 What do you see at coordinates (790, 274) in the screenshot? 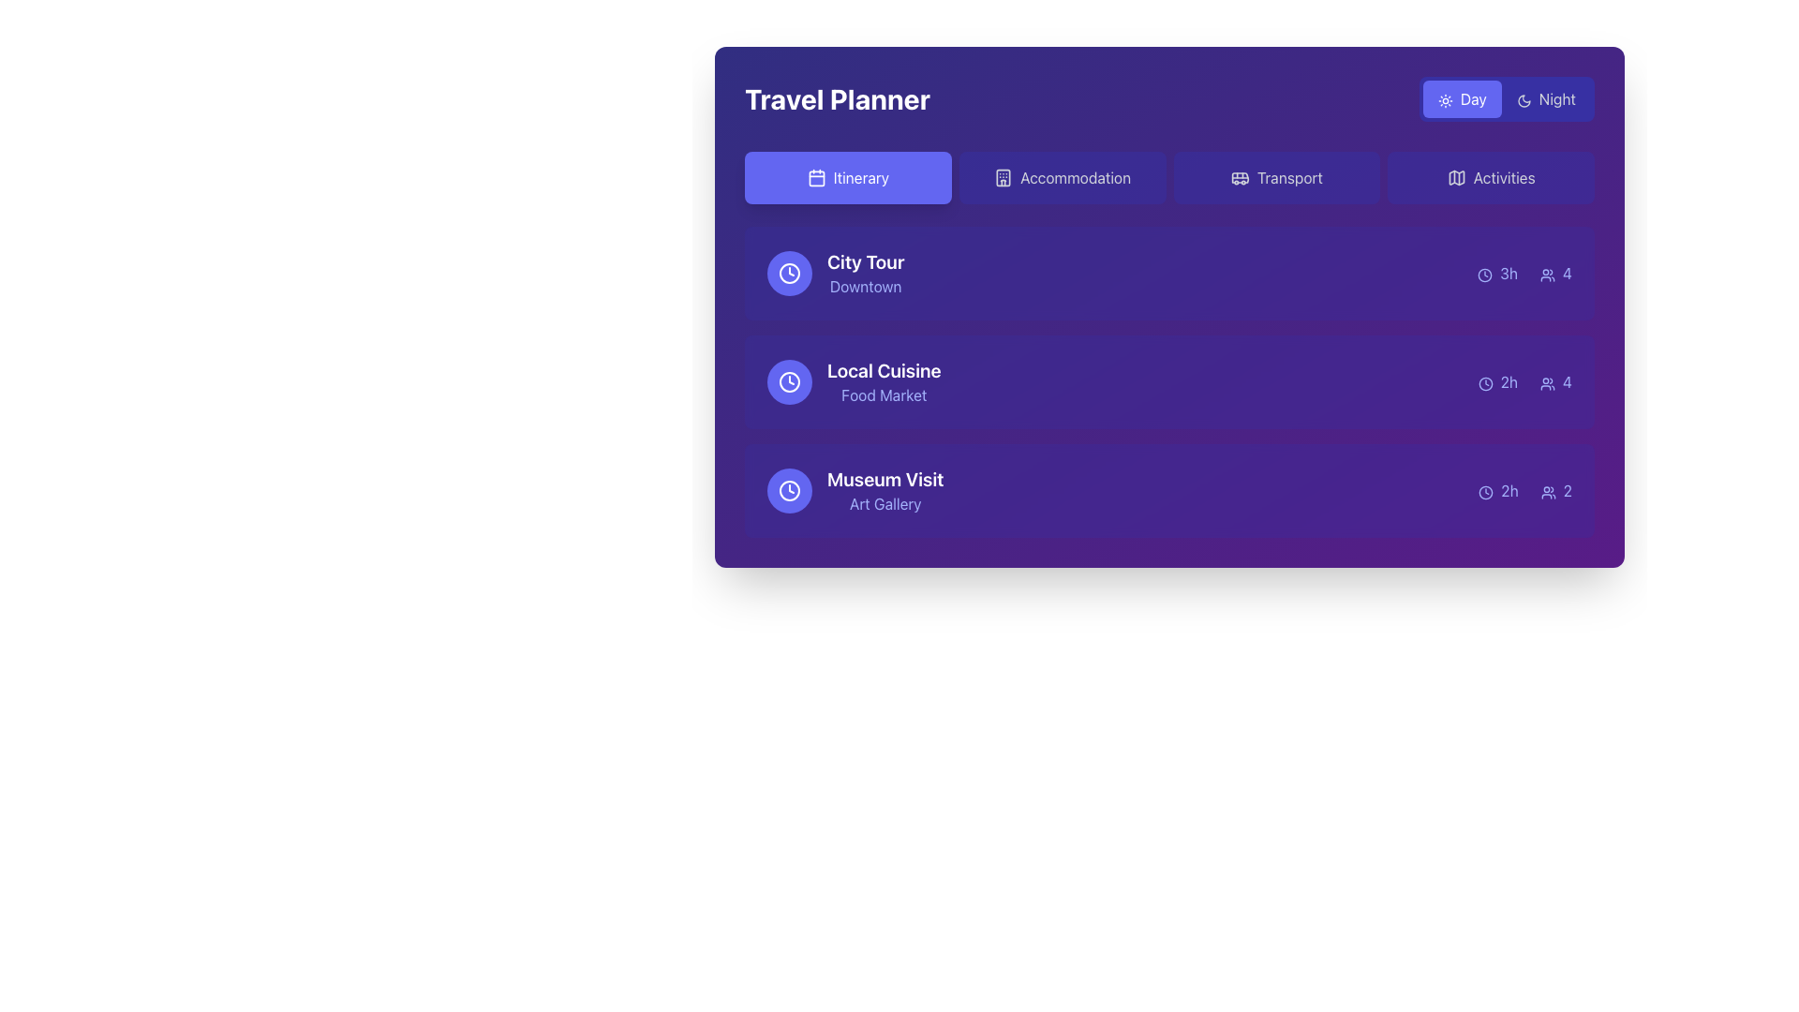
I see `the circular clock icon with a gradient indigo background located to the left of the 'City Tour' and 'Downtown' text in the 'Travel Planner' section` at bounding box center [790, 274].